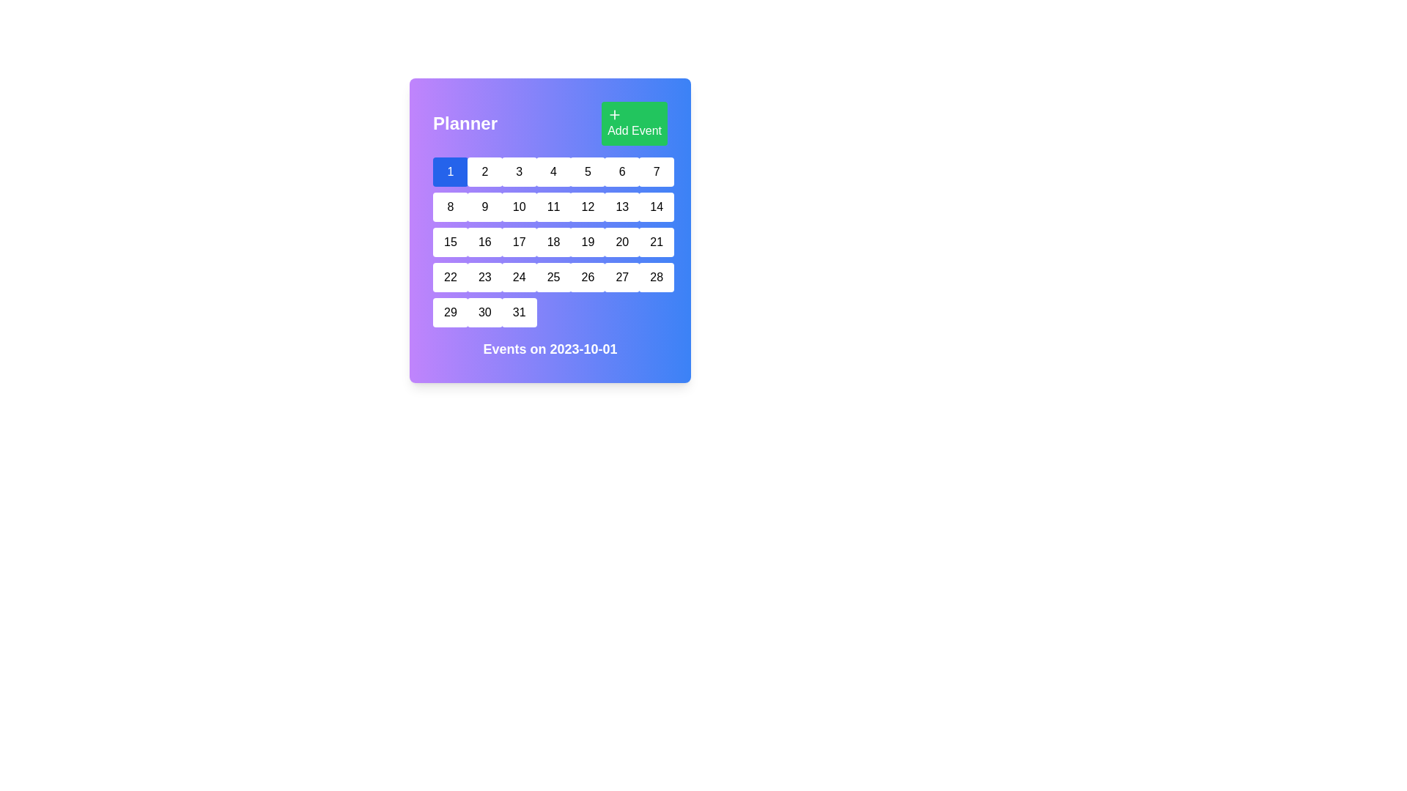 Image resolution: width=1407 pixels, height=791 pixels. I want to click on the selectable button representing the sixth day of the month in the calendar, so click(622, 171).